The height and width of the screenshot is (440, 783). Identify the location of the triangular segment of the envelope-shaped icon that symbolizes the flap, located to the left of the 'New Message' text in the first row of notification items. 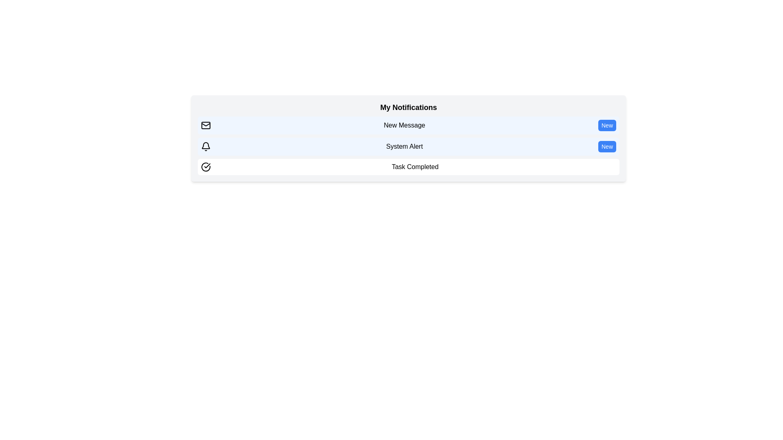
(206, 124).